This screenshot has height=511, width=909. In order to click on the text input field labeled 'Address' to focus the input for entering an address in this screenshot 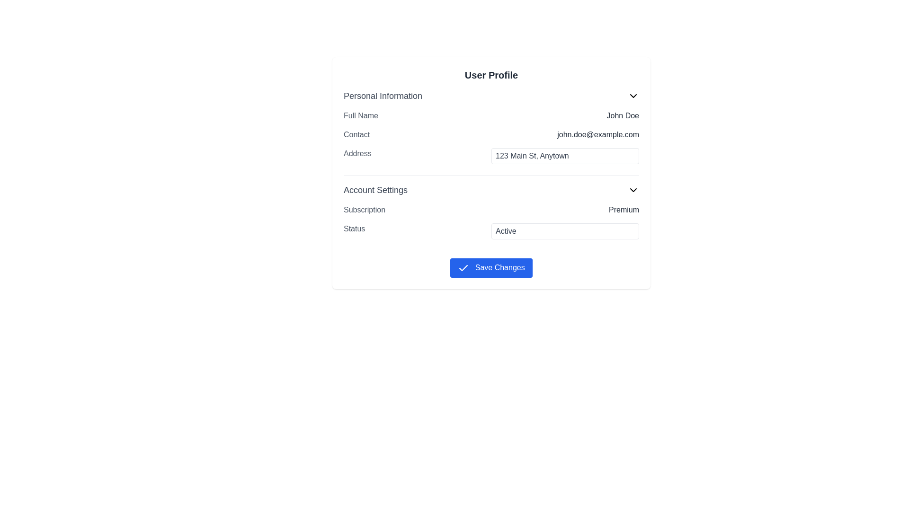, I will do `click(565, 156)`.